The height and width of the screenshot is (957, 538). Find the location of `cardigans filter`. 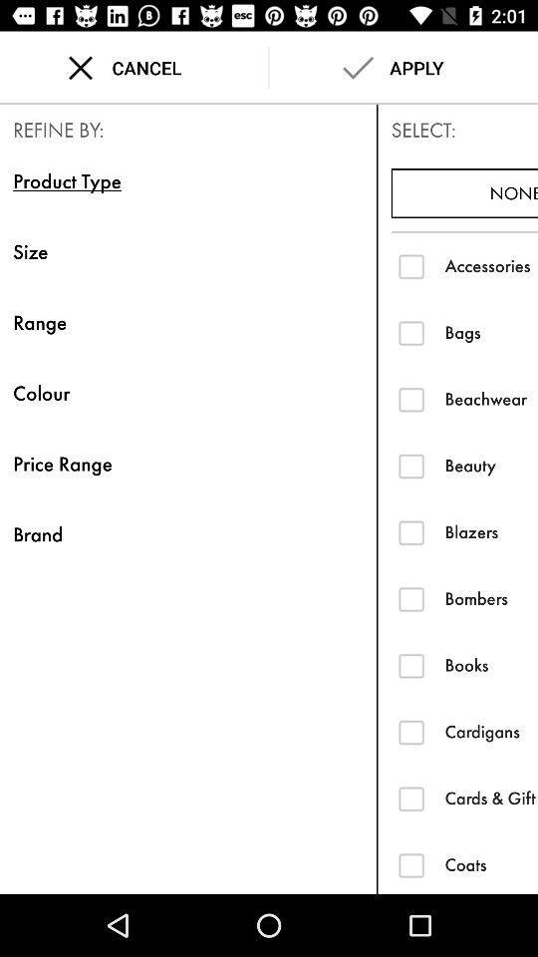

cardigans filter is located at coordinates (410, 731).